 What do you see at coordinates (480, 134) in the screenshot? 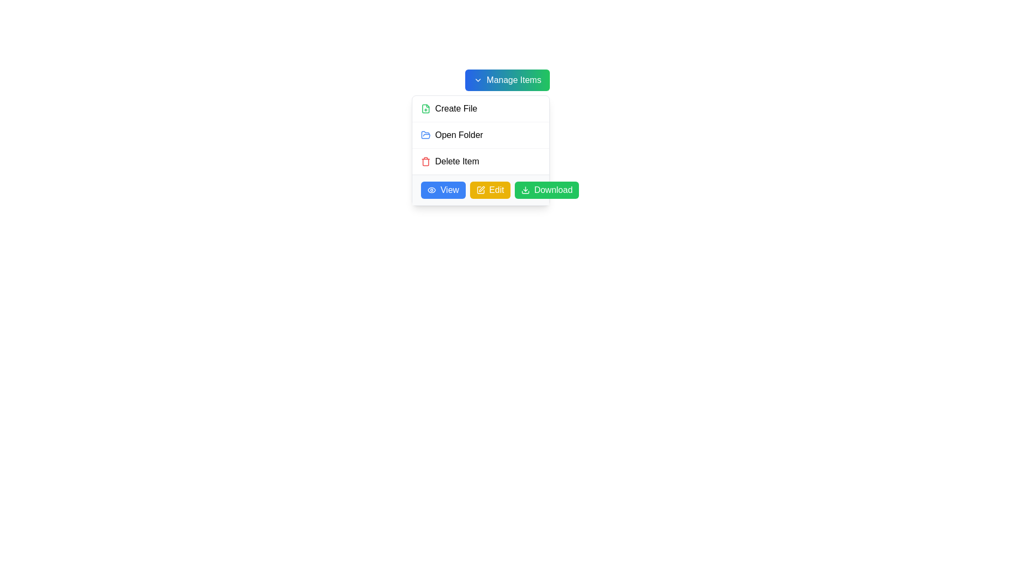
I see `the 'Open Folder' button` at bounding box center [480, 134].